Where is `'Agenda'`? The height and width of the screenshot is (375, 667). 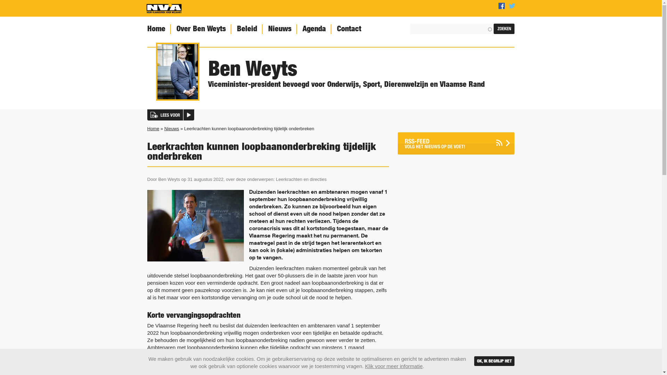
'Agenda' is located at coordinates (313, 29).